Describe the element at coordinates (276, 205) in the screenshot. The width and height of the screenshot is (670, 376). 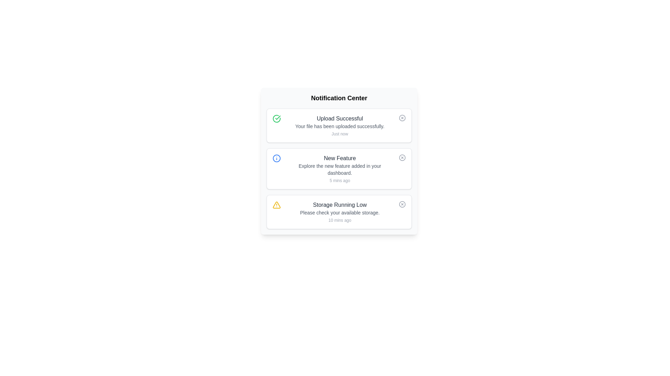
I see `the prominent warning icon on the left side of the 'Storage Running Low' notification in the notification center to check for visual notifications regarding low storage` at that location.